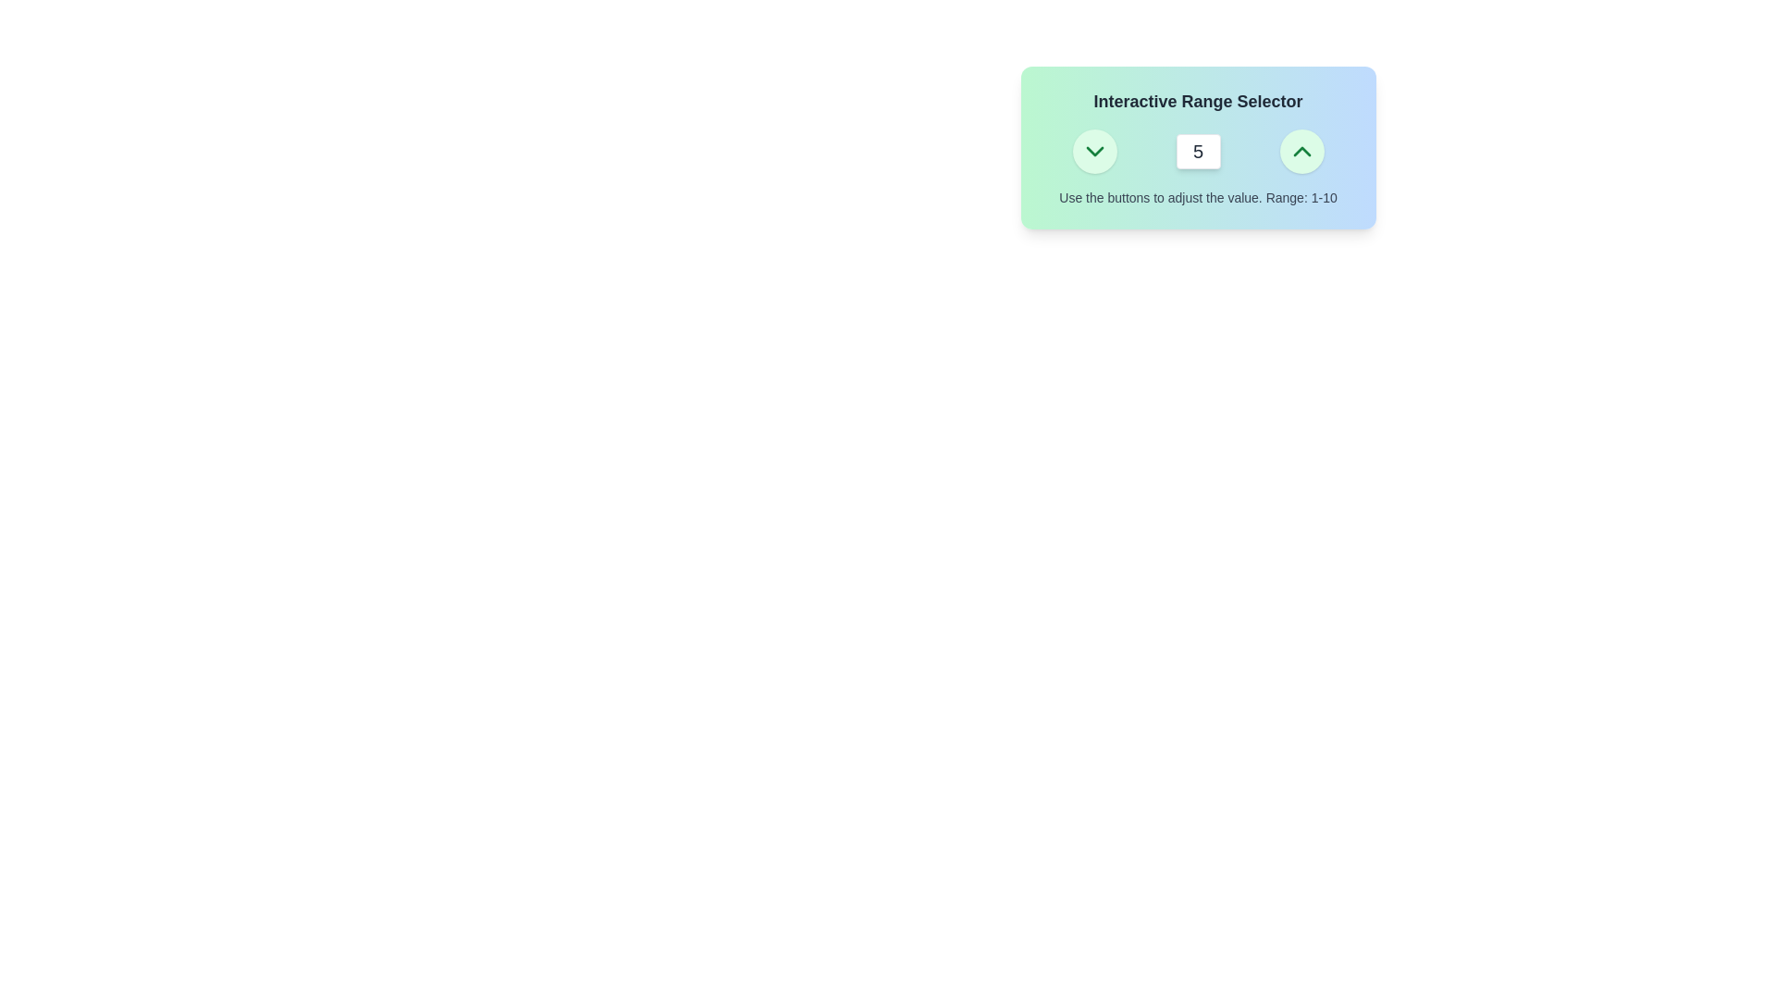 This screenshot has height=999, width=1776. What do you see at coordinates (1301, 151) in the screenshot?
I see `the circular button with a green arrow icon pointing upward` at bounding box center [1301, 151].